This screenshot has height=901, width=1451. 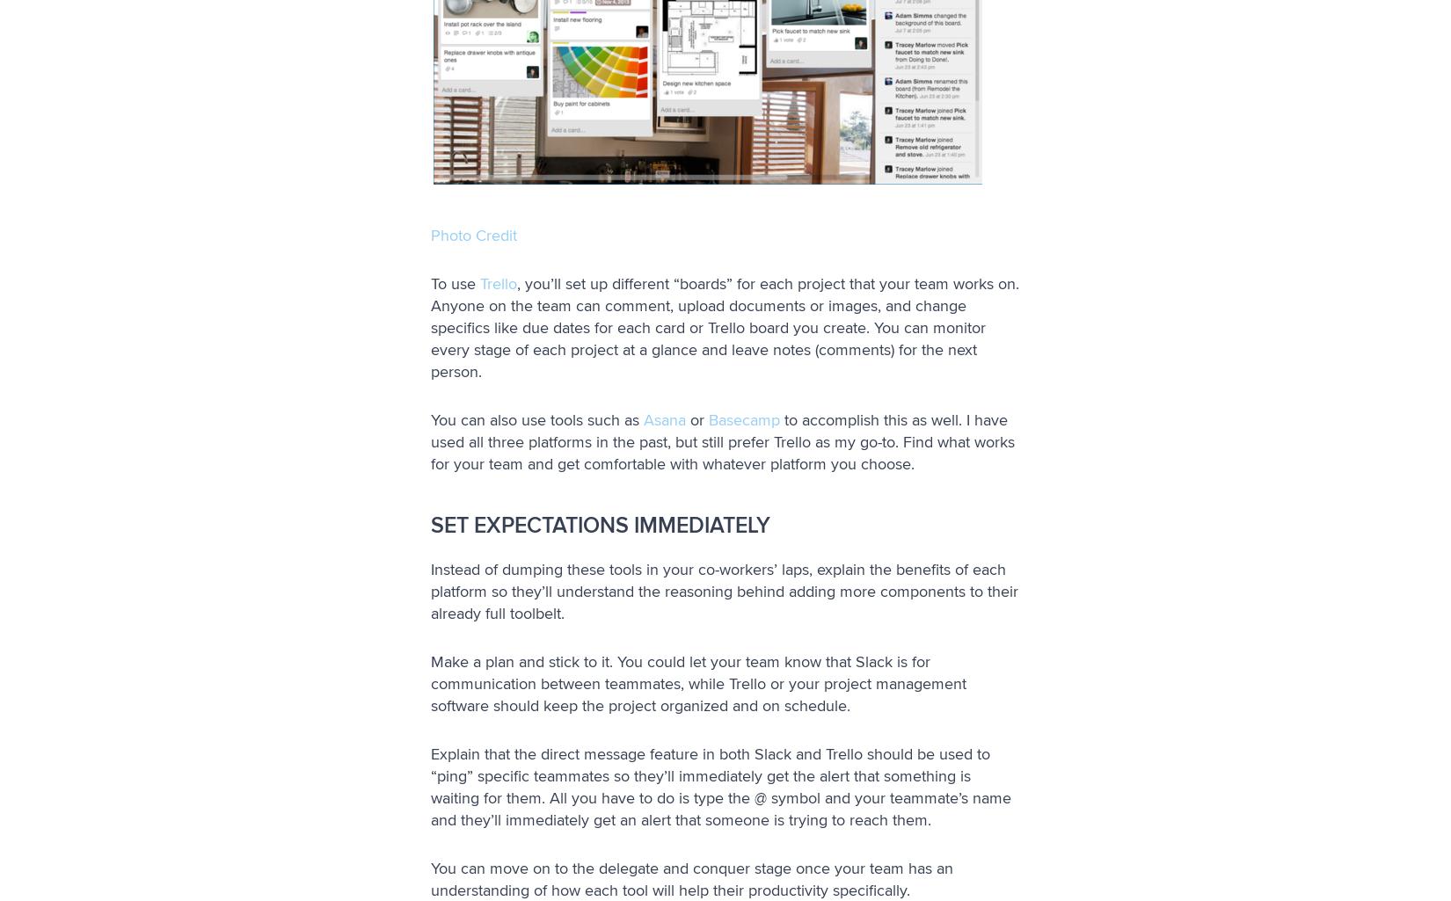 I want to click on 'Asana', so click(x=664, y=419).